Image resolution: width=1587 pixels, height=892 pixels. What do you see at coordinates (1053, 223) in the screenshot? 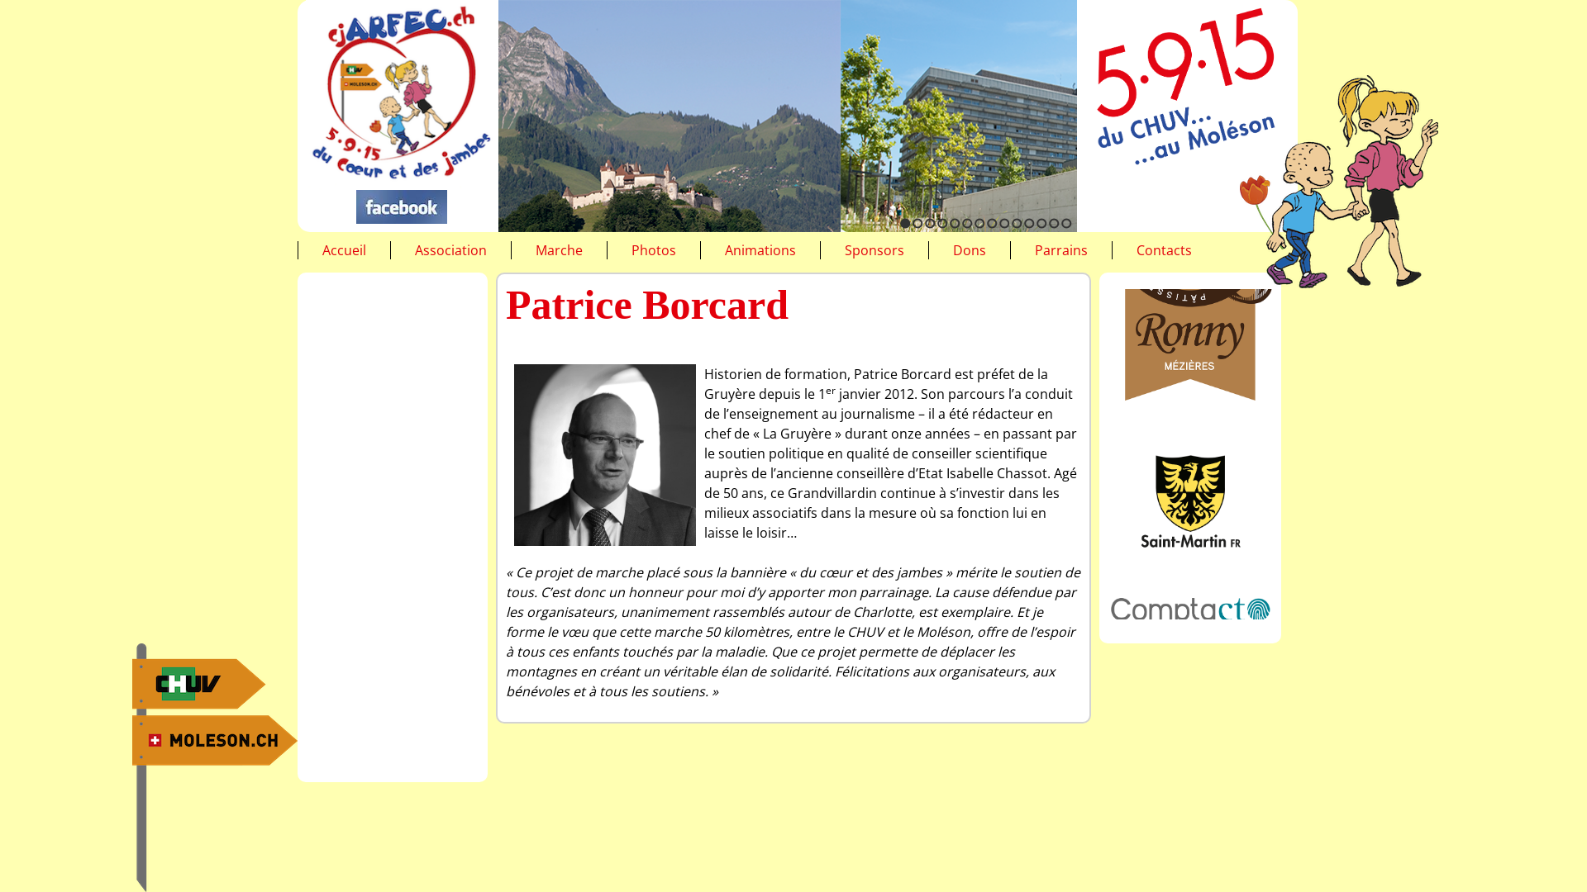
I see `'13'` at bounding box center [1053, 223].